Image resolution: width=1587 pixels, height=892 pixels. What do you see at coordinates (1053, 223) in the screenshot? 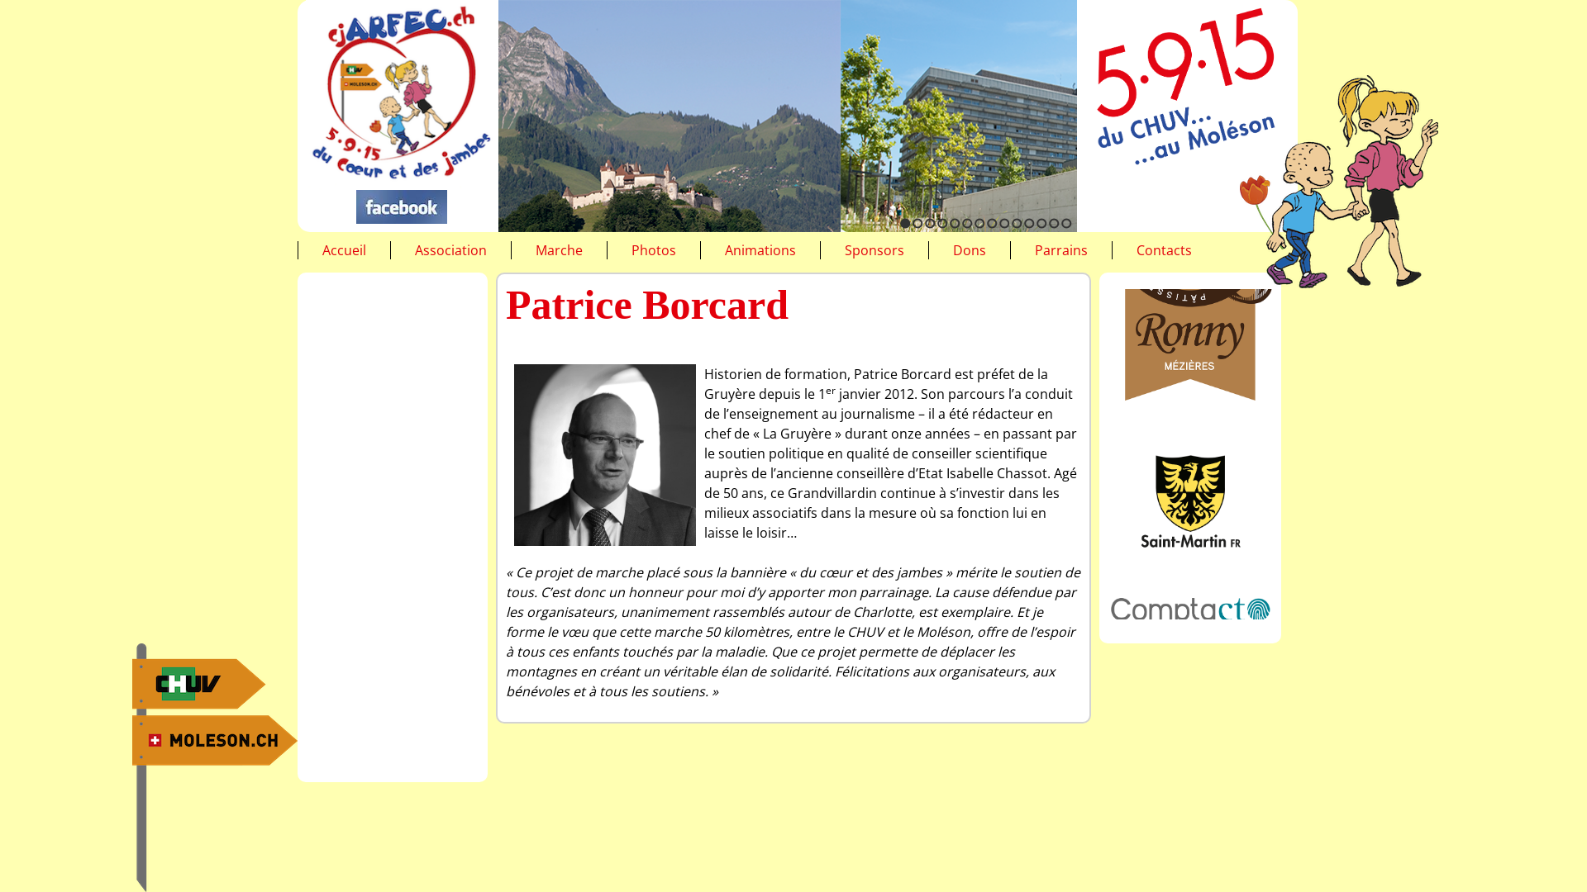
I see `'13'` at bounding box center [1053, 223].